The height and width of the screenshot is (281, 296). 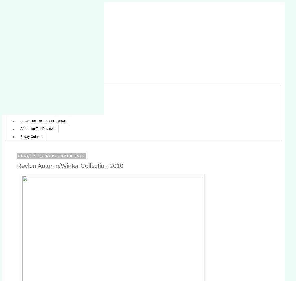 What do you see at coordinates (43, 120) in the screenshot?
I see `'Spa/Salon Treatment Reviews'` at bounding box center [43, 120].